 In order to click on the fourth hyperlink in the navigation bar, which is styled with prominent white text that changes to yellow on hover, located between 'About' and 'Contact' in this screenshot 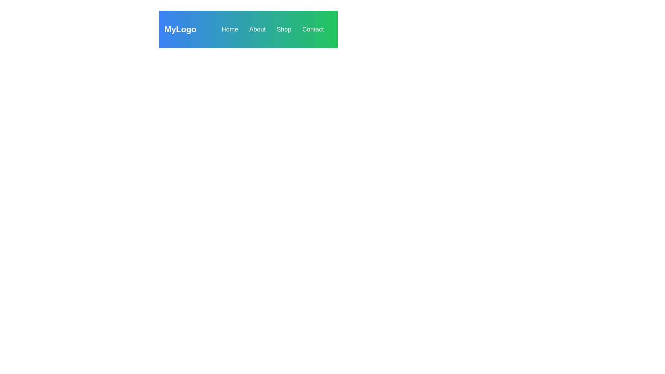, I will do `click(284, 29)`.